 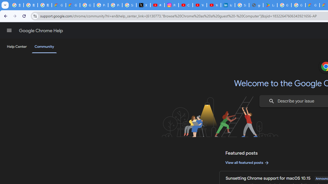 What do you see at coordinates (213, 5) in the screenshot?
I see `'YouTube Culture & Trends - YouTube Top 10, 2021'` at bounding box center [213, 5].